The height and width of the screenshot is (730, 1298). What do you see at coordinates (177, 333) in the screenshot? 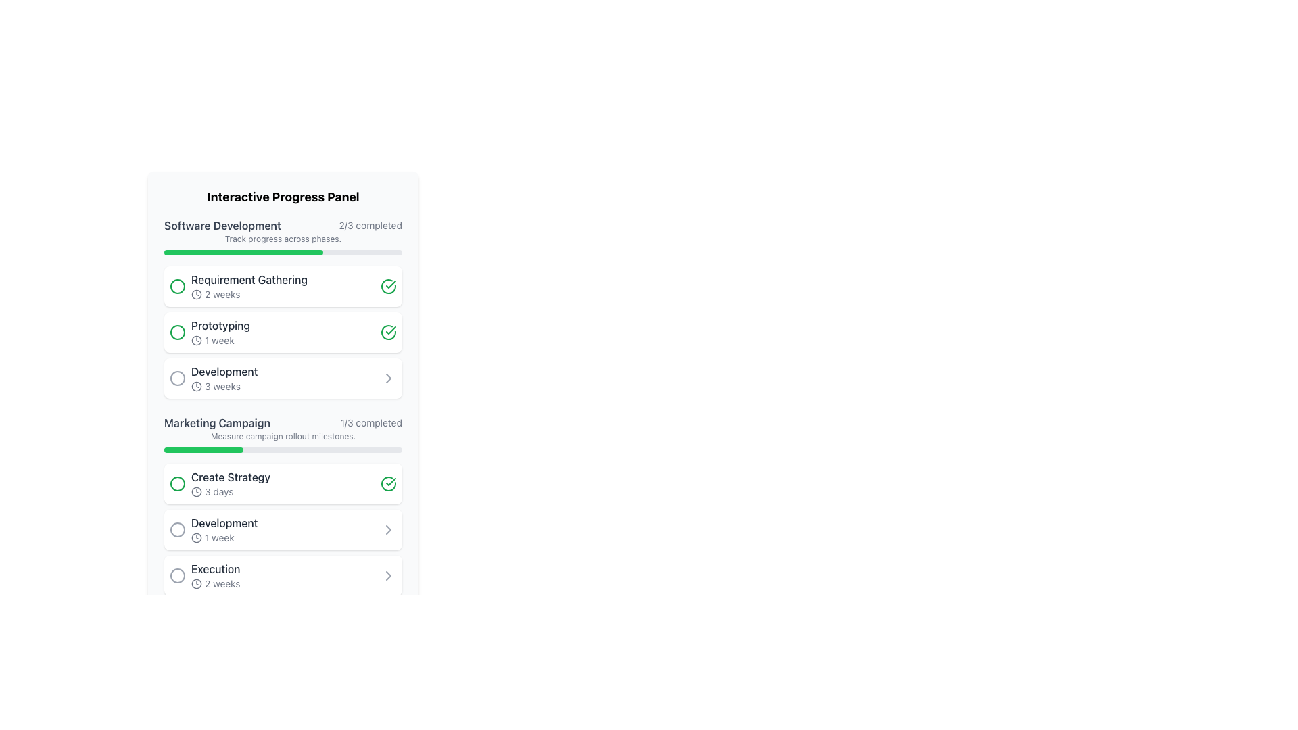
I see `the status indicator icon for the task 'Prototyping' located to the left of the text label 'Prototyping 1 week.'` at bounding box center [177, 333].